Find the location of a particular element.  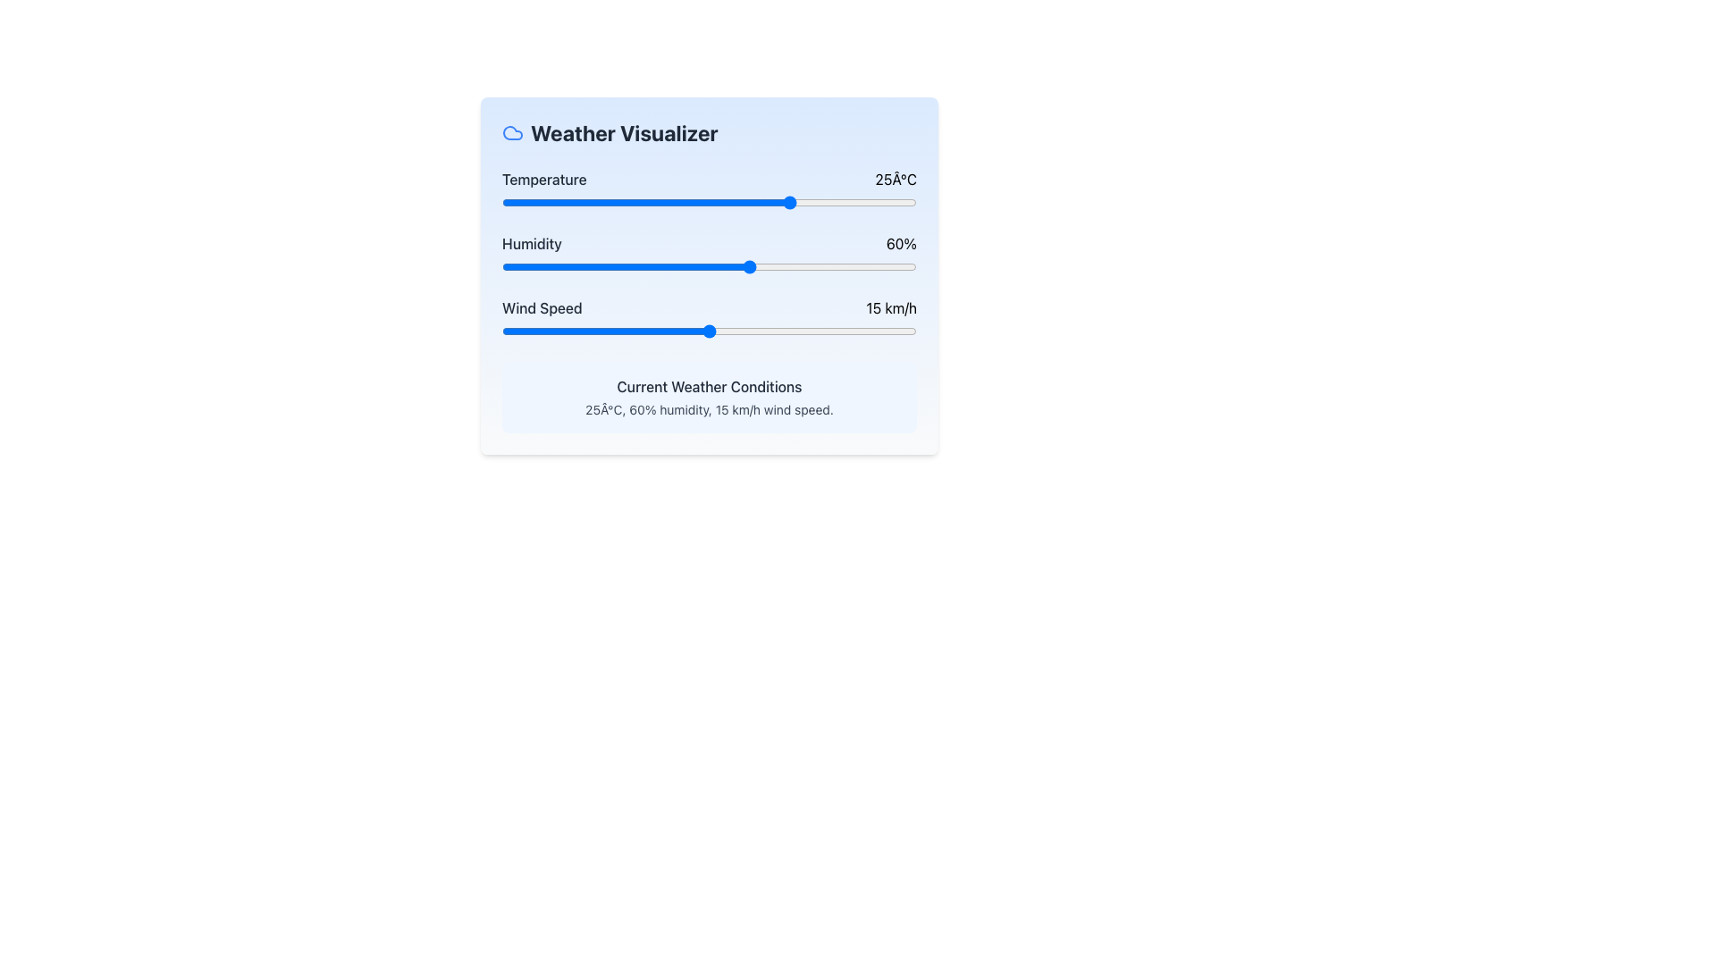

the text label 'Current Weather Conditions' which is styled in grayish-black font, positioned inside a blue box, and located slightly below sliders and numeric indicators for weather parameters is located at coordinates (708, 385).